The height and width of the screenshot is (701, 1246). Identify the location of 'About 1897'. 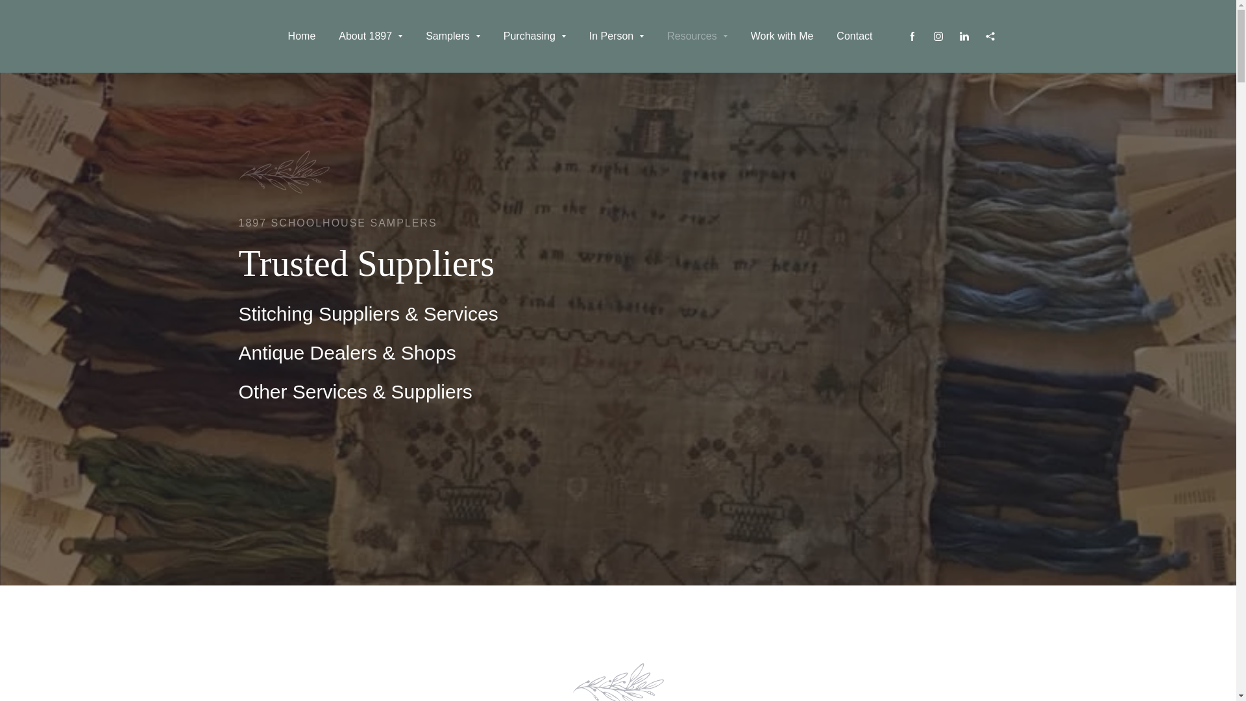
(370, 36).